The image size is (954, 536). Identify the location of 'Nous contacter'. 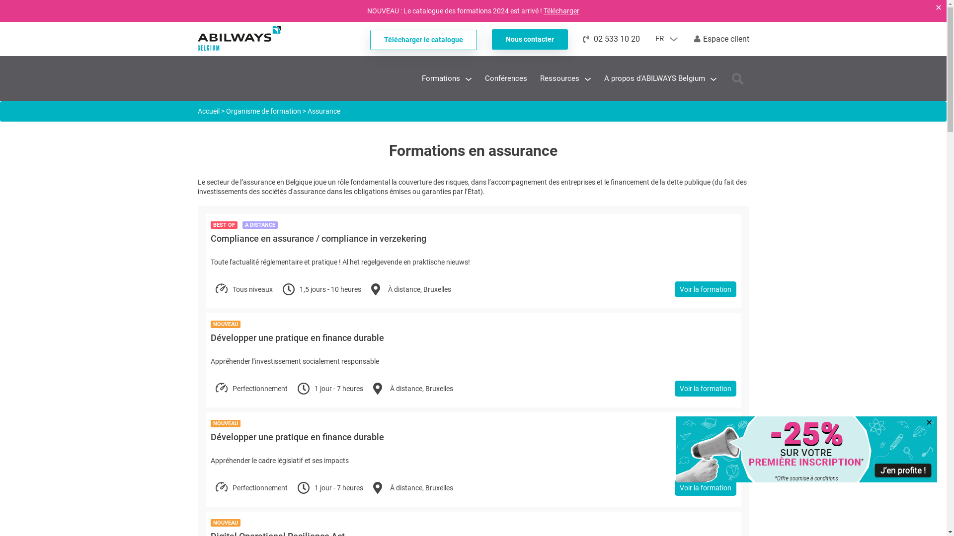
(491, 39).